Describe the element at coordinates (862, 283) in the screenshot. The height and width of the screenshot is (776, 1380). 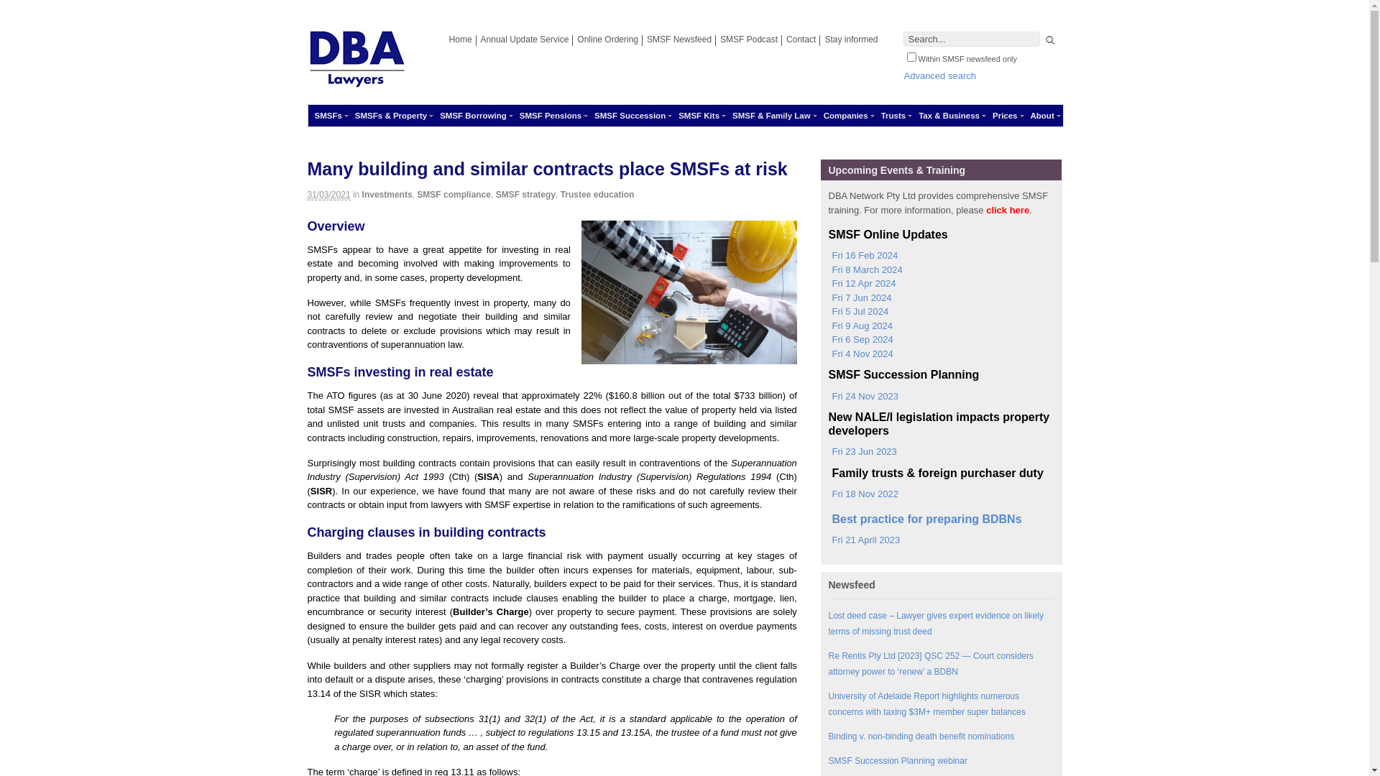
I see `'Fri 12 Apr 2024'` at that location.